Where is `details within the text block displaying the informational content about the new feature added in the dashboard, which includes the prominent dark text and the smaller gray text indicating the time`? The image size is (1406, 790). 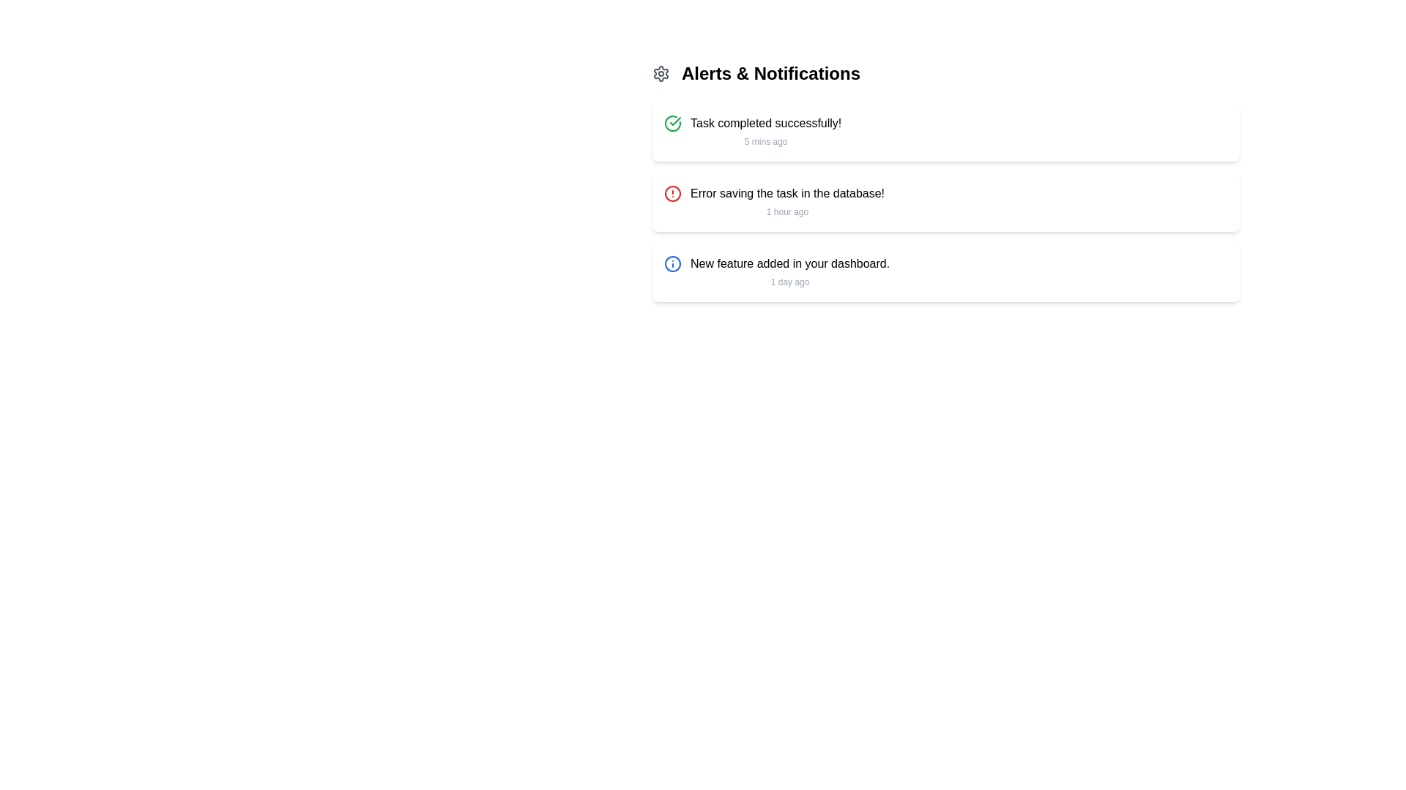 details within the text block displaying the informational content about the new feature added in the dashboard, which includes the prominent dark text and the smaller gray text indicating the time is located at coordinates (789, 273).